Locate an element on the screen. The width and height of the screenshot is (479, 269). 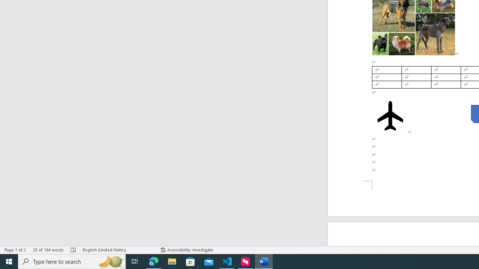
'Spelling and Grammar Check Errors' is located at coordinates (73, 250).